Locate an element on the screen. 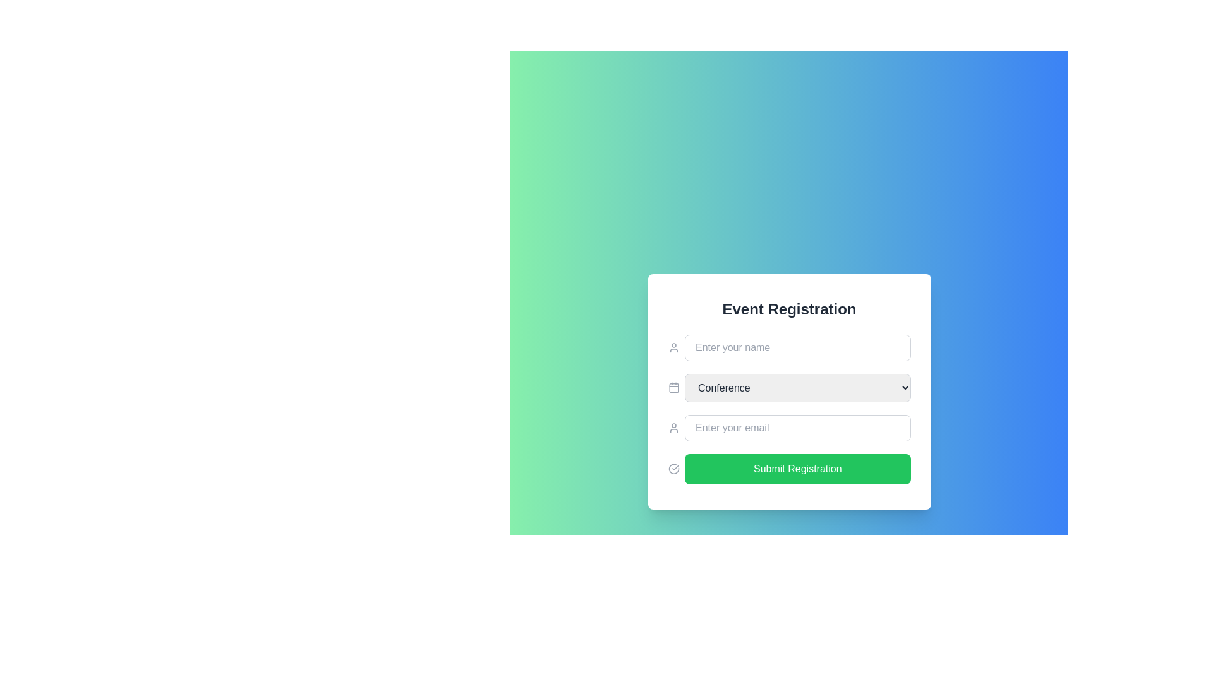 Image resolution: width=1213 pixels, height=682 pixels. the decorative calendar icon located on the left side of the 'Conference' dropdown, which visually indicates scheduling selection is located at coordinates (673, 386).